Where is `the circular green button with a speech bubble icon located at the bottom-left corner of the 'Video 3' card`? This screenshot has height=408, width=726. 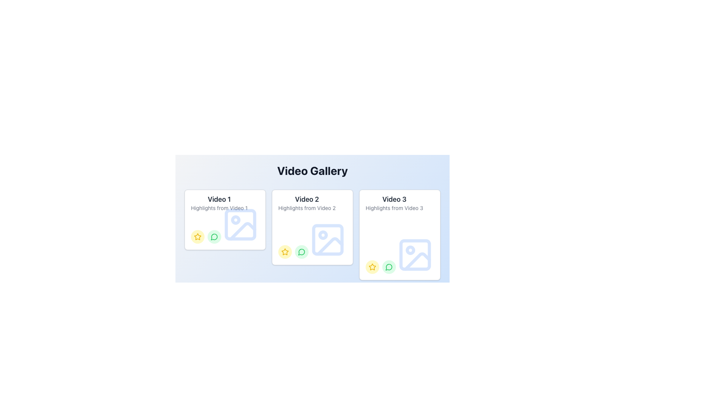 the circular green button with a speech bubble icon located at the bottom-left corner of the 'Video 3' card is located at coordinates (389, 266).